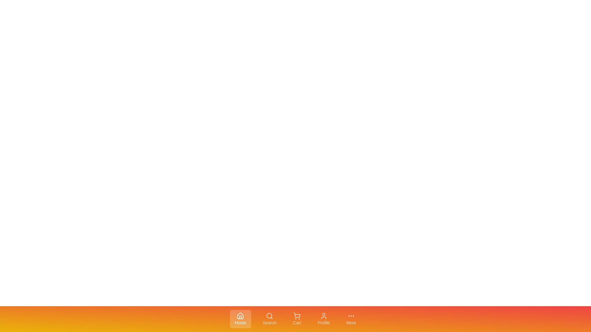 This screenshot has height=332, width=591. What do you see at coordinates (297, 318) in the screenshot?
I see `the tab labeled Cart` at bounding box center [297, 318].